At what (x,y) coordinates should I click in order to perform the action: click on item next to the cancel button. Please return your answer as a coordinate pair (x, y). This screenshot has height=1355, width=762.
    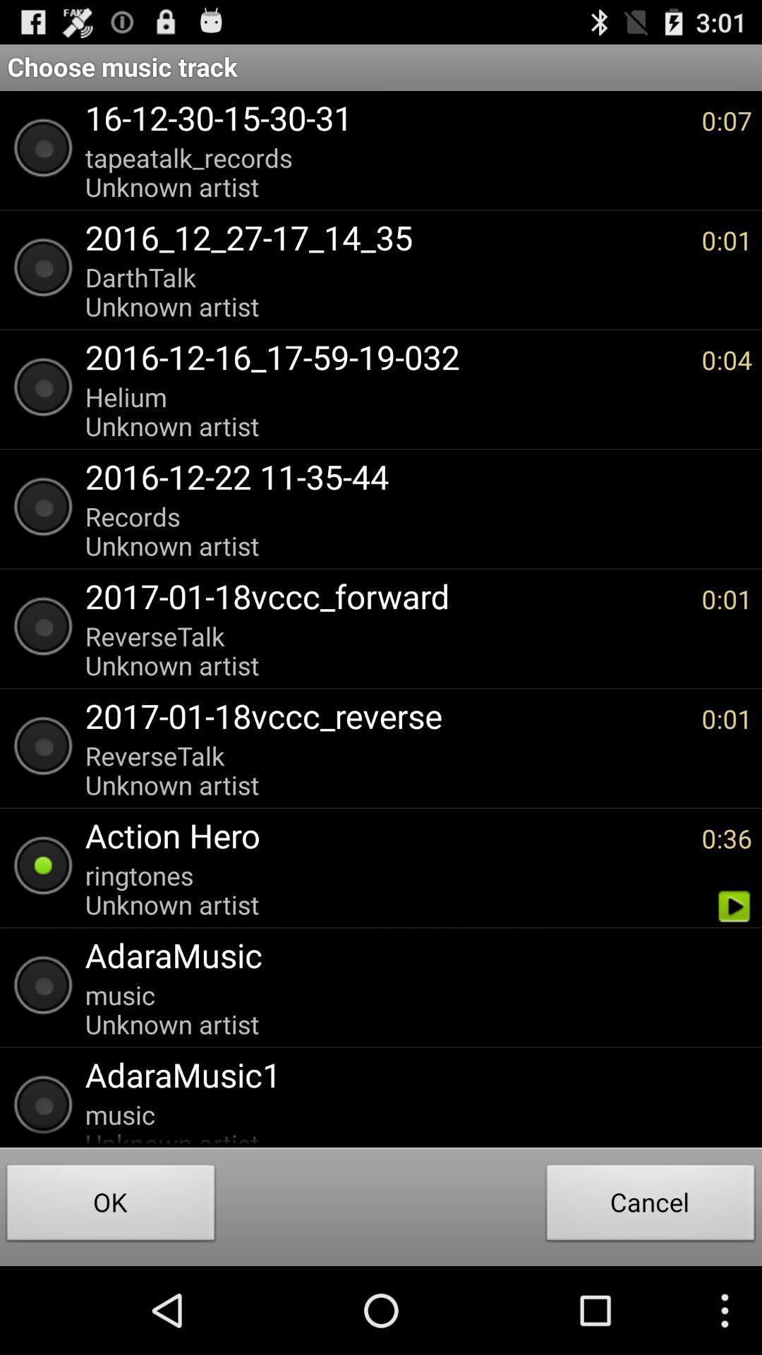
    Looking at the image, I should click on (110, 1205).